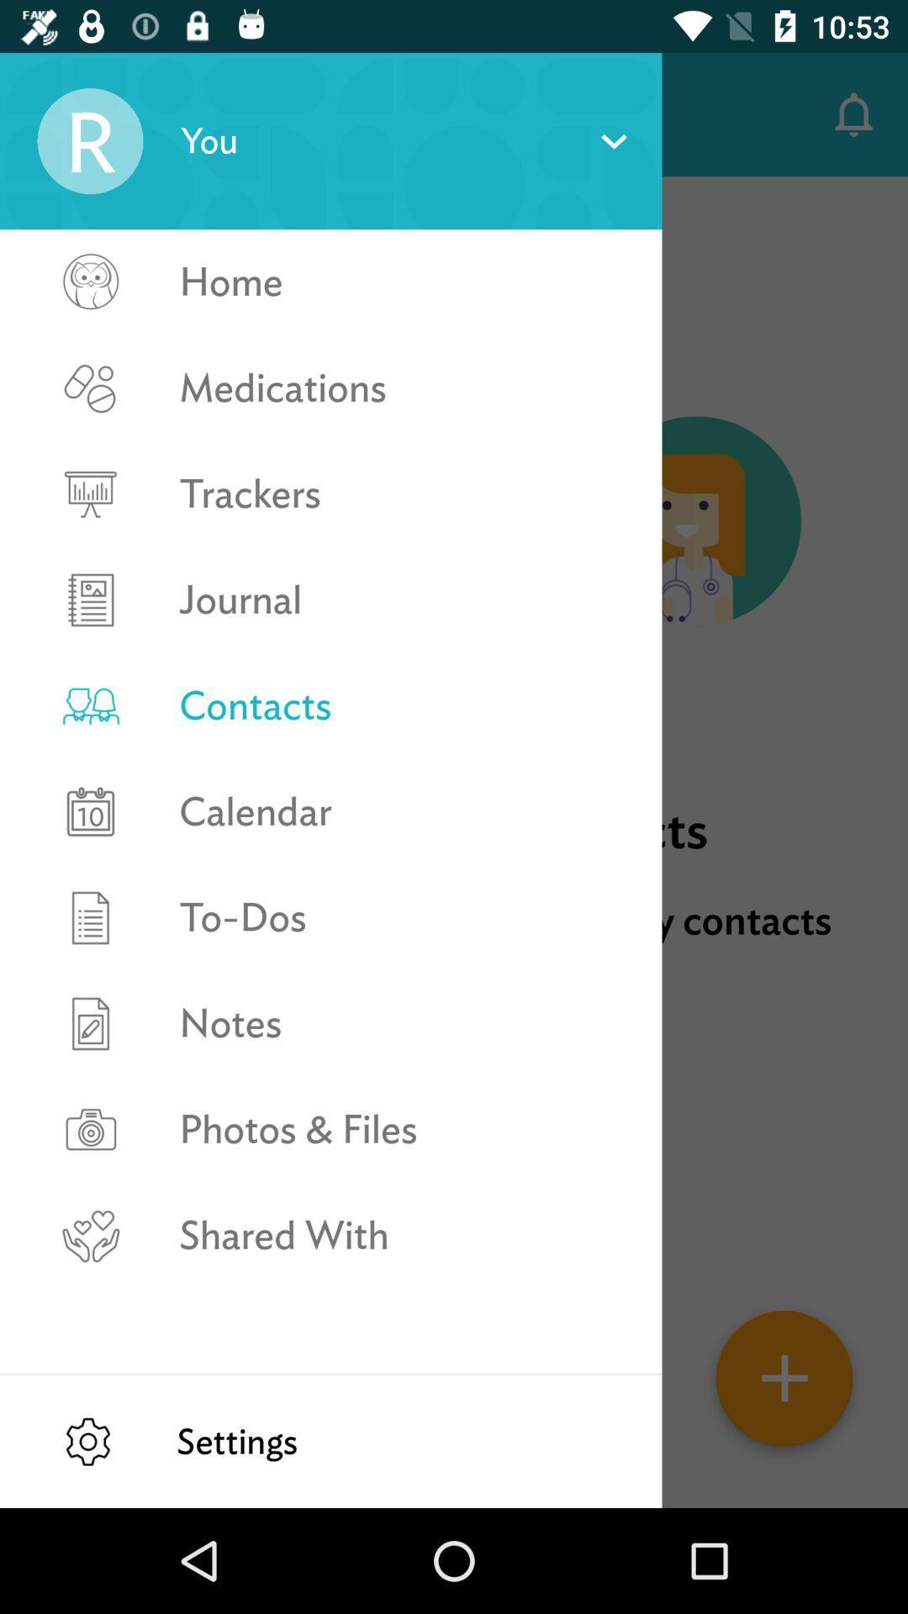  What do you see at coordinates (403, 811) in the screenshot?
I see `the calendar` at bounding box center [403, 811].